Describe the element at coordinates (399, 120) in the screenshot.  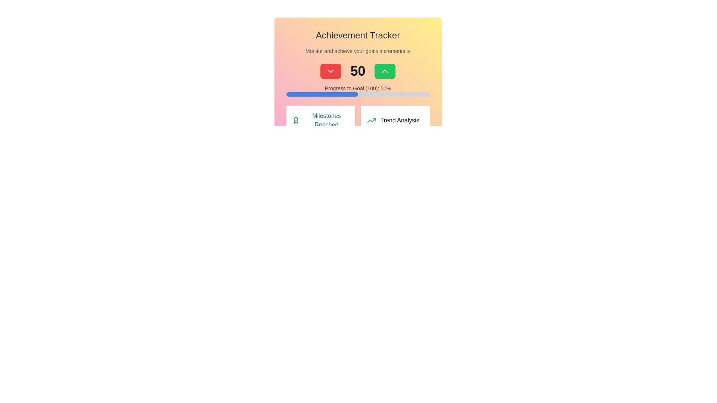
I see `the static text label located in the bottom-right card of a two-column layout, adjacent to the 'Milestones Reached' card` at that location.